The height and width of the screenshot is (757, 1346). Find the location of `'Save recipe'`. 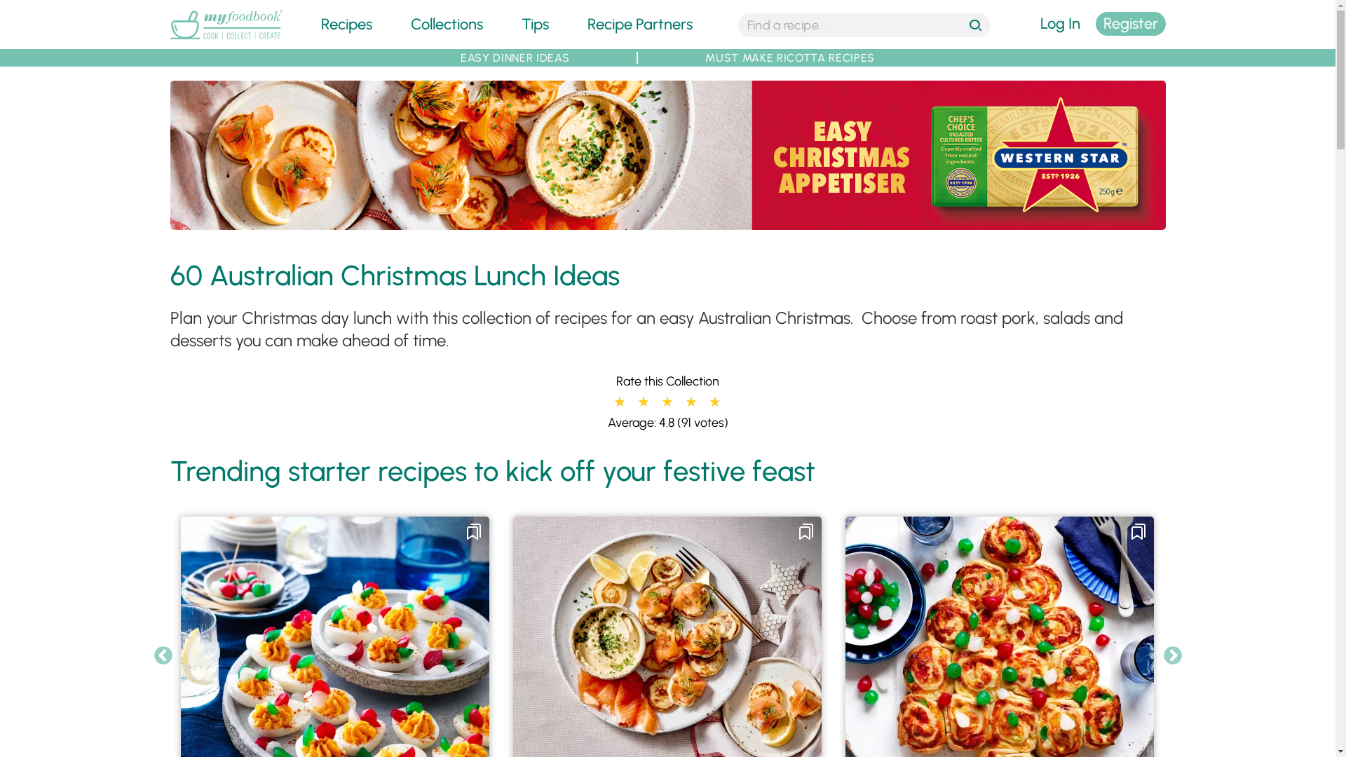

'Save recipe' is located at coordinates (1138, 532).